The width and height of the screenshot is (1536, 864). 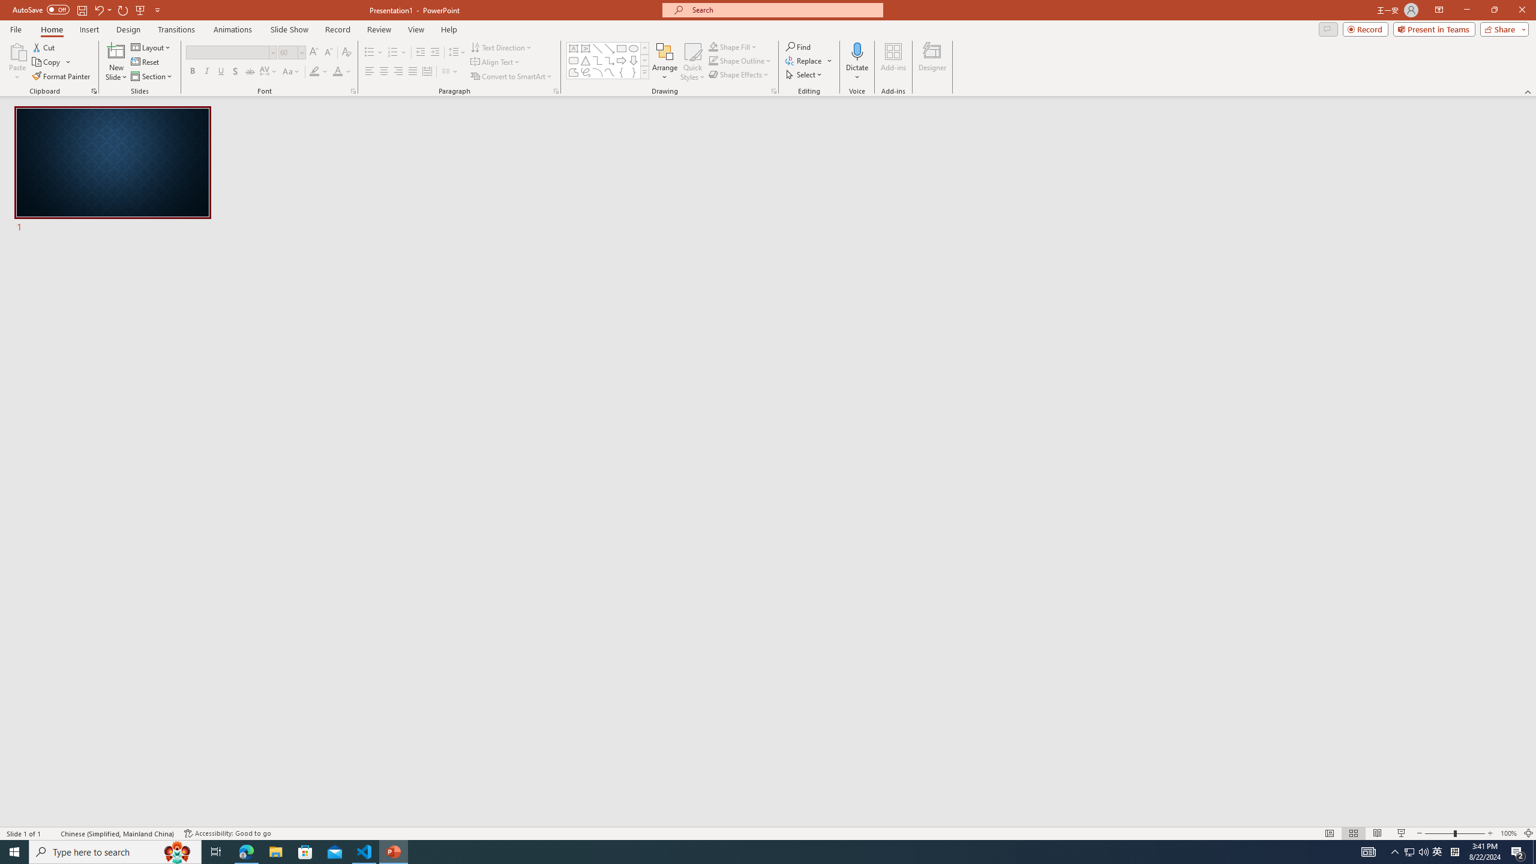 What do you see at coordinates (502, 47) in the screenshot?
I see `'Text Direction'` at bounding box center [502, 47].